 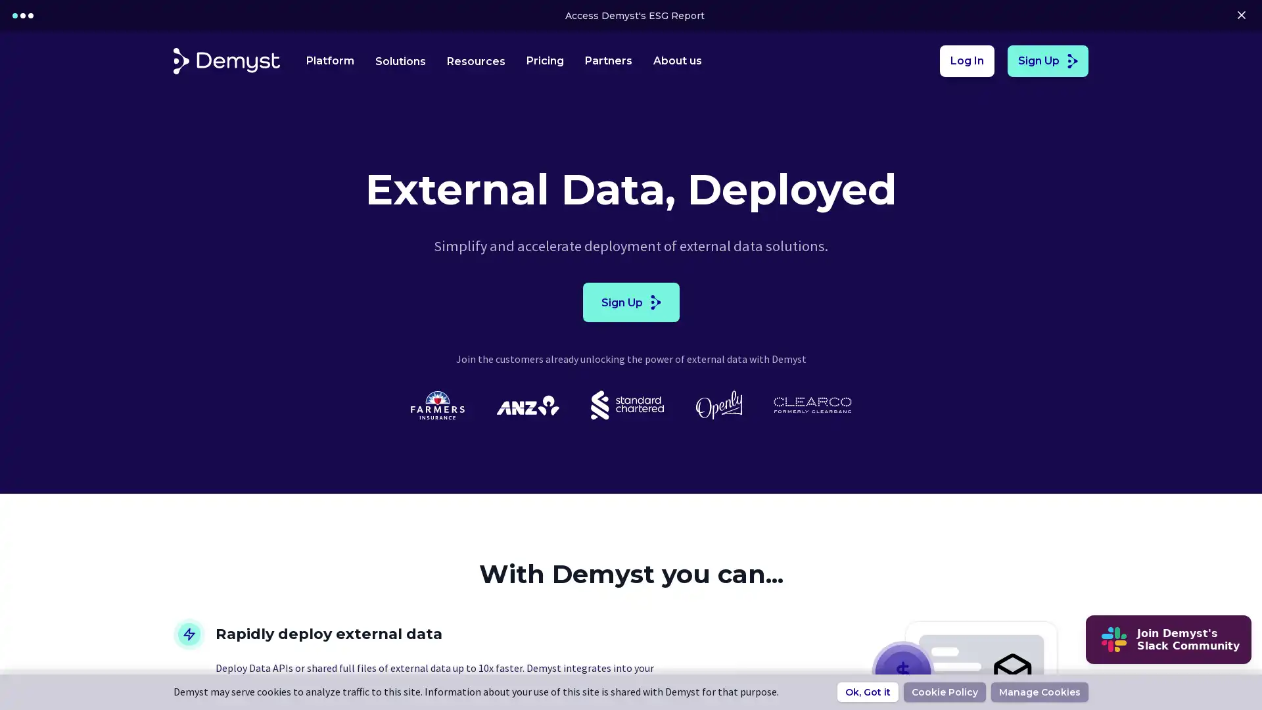 What do you see at coordinates (868, 692) in the screenshot?
I see `Ok, Got it` at bounding box center [868, 692].